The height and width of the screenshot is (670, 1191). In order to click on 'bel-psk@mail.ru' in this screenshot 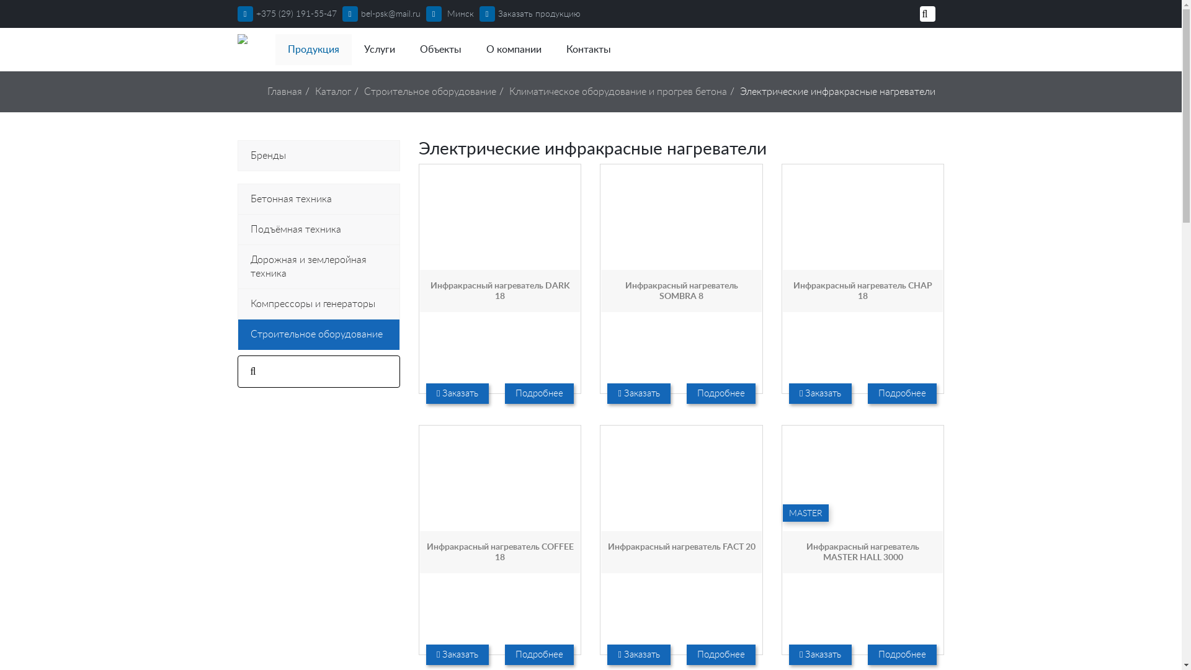, I will do `click(342, 14)`.